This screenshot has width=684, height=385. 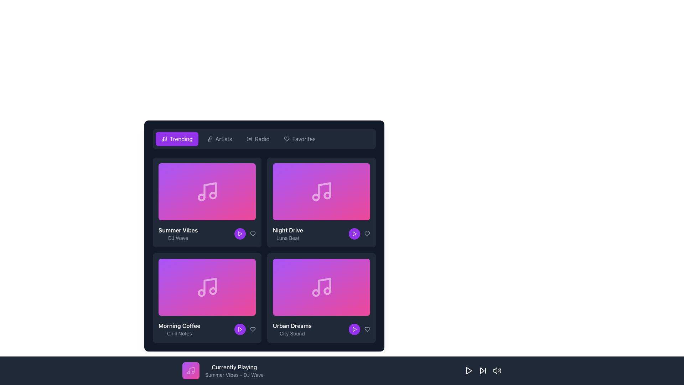 What do you see at coordinates (304, 139) in the screenshot?
I see `the text label that represents a navigation link for favorited items, located in the top-right corner of the navigation bar, next to the 'Radio' label` at bounding box center [304, 139].